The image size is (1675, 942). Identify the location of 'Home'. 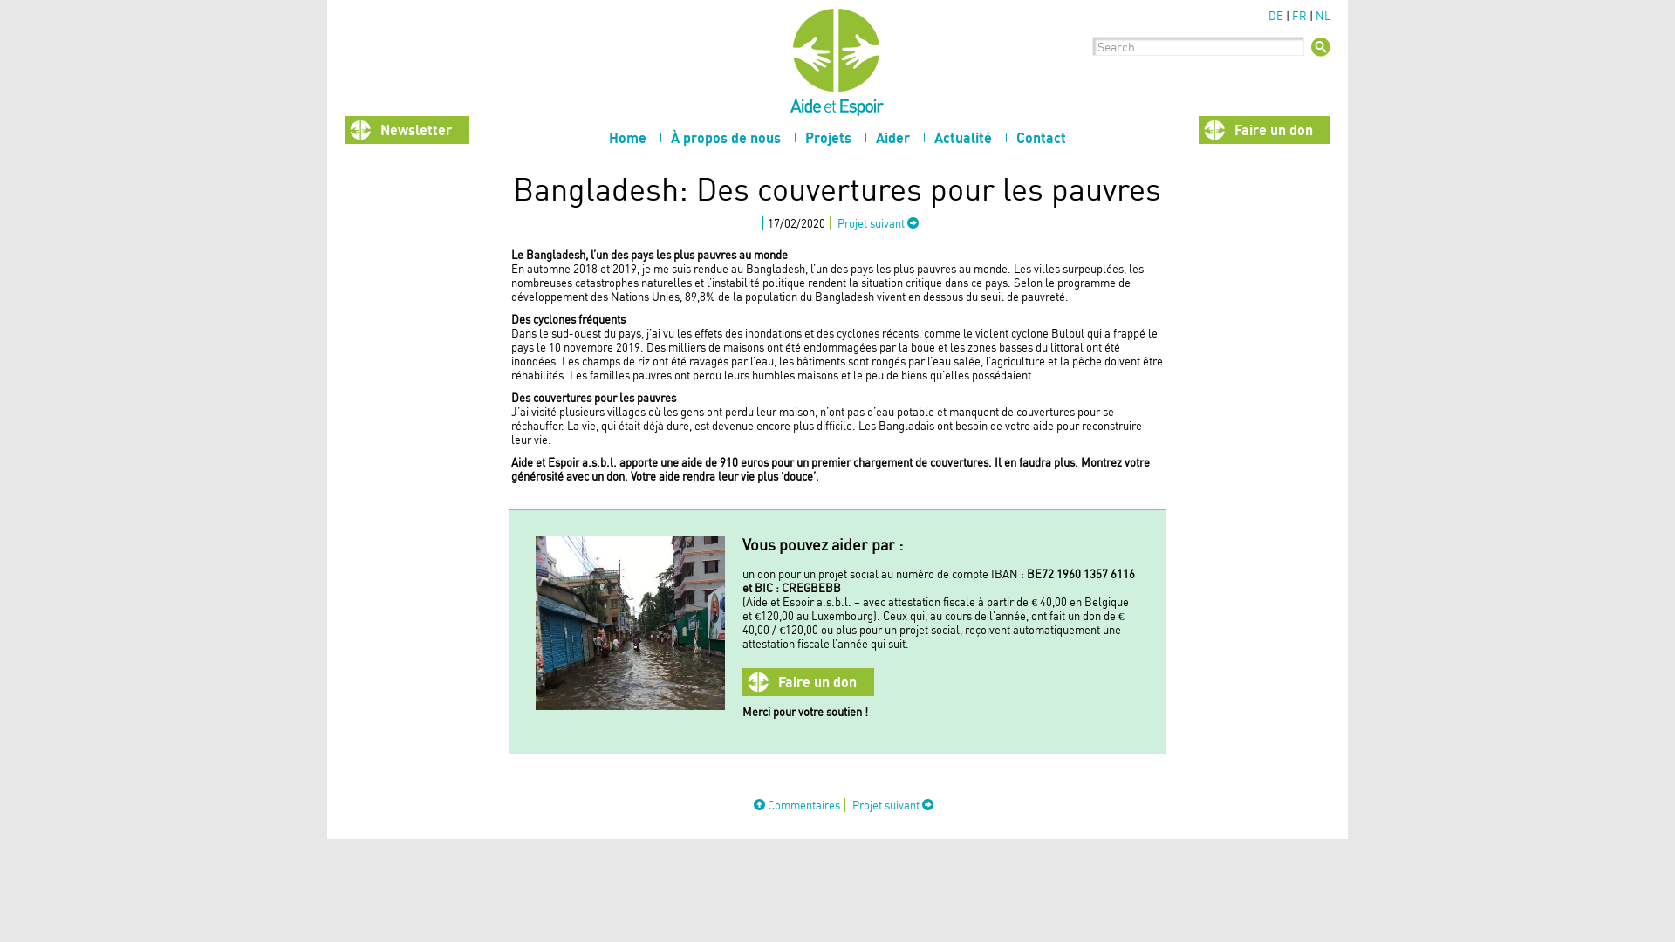
(627, 134).